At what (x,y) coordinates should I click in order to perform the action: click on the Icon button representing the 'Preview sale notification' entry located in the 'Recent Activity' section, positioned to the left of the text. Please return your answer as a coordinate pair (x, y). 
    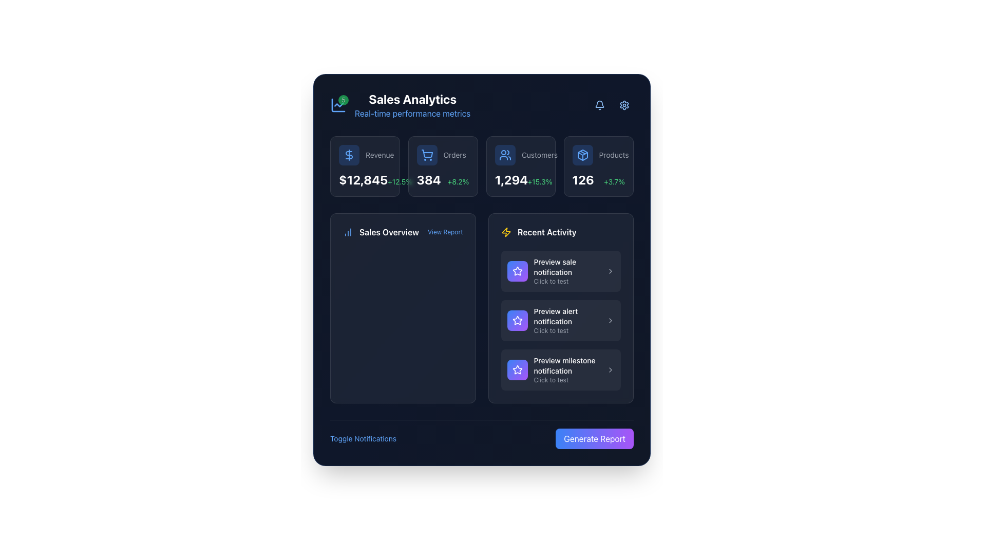
    Looking at the image, I should click on (517, 271).